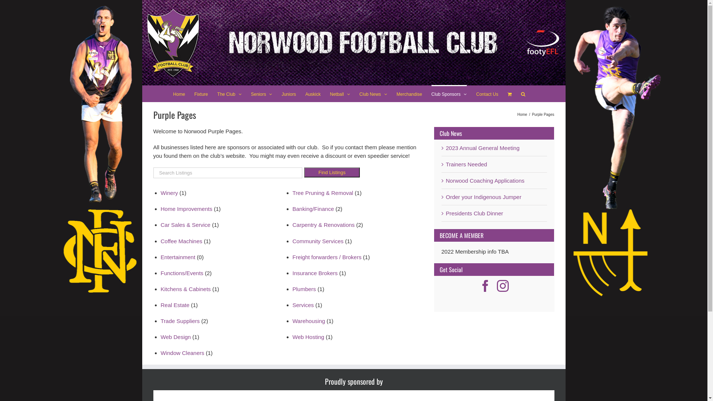  What do you see at coordinates (482, 148) in the screenshot?
I see `'2023 Annual General Meeting'` at bounding box center [482, 148].